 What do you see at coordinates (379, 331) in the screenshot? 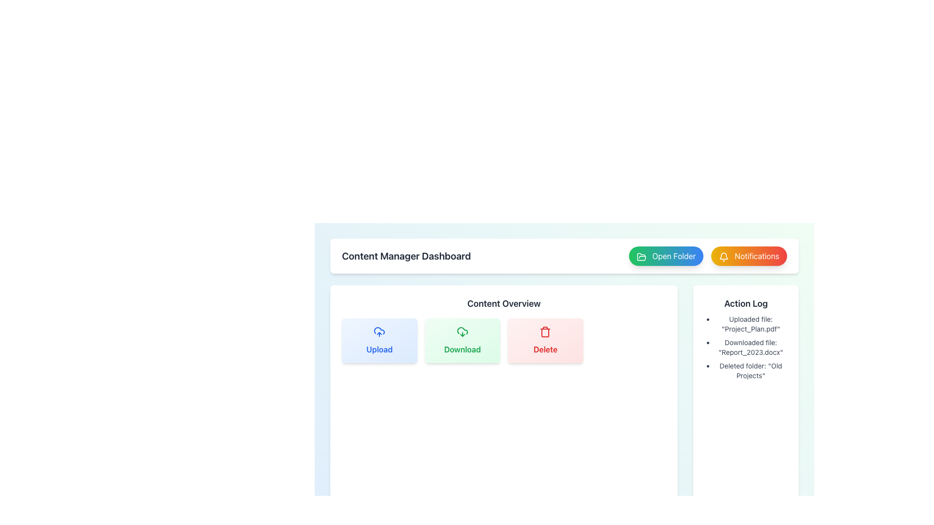
I see `the upload icon located within the blue 'Upload' button in the 'Content Overview' section, which is the first button among three central buttons` at bounding box center [379, 331].